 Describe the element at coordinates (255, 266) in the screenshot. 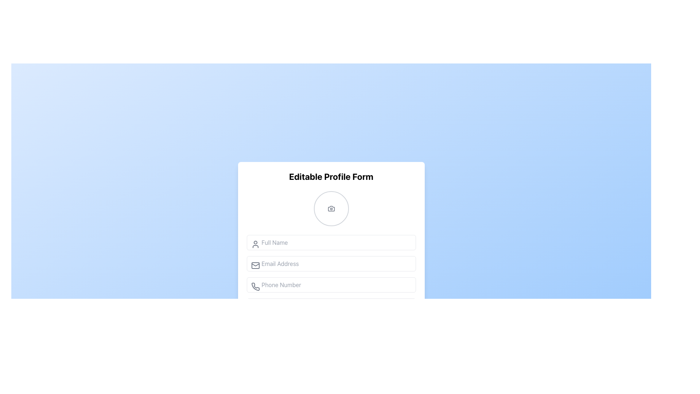

I see `the SVG Rectangle that visually represents the email icon, which is positioned in the top left corner of the associated 'Email Address' input field` at that location.